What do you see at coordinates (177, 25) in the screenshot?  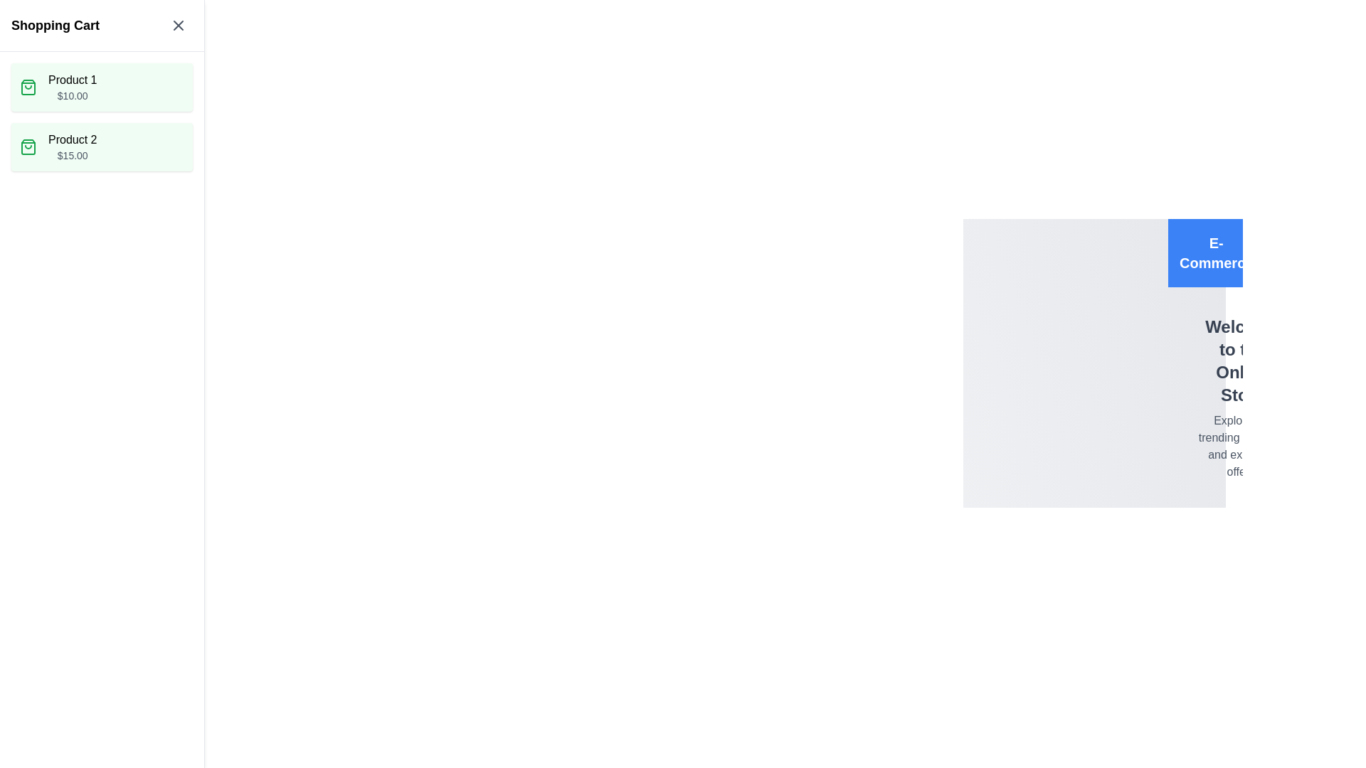 I see `the close button icon located in the top-right corner of the 'Shopping Cart' panel` at bounding box center [177, 25].